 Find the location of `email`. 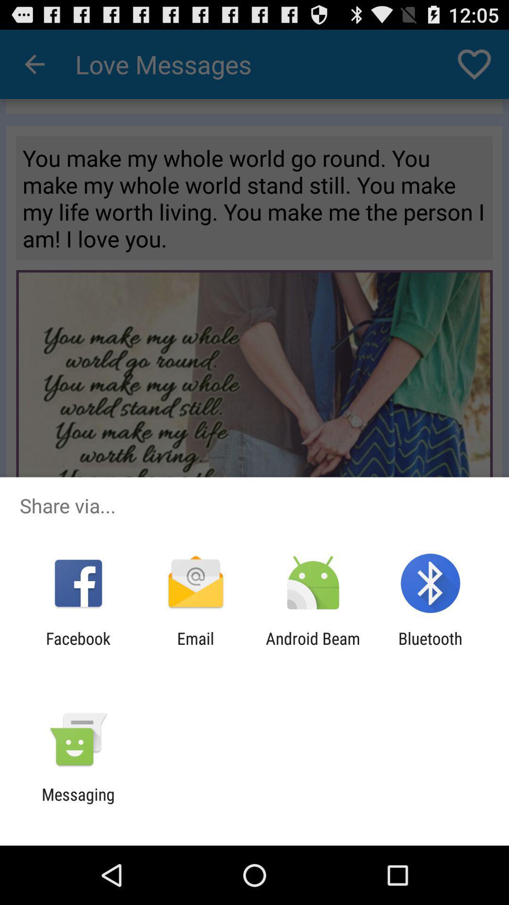

email is located at coordinates (195, 648).